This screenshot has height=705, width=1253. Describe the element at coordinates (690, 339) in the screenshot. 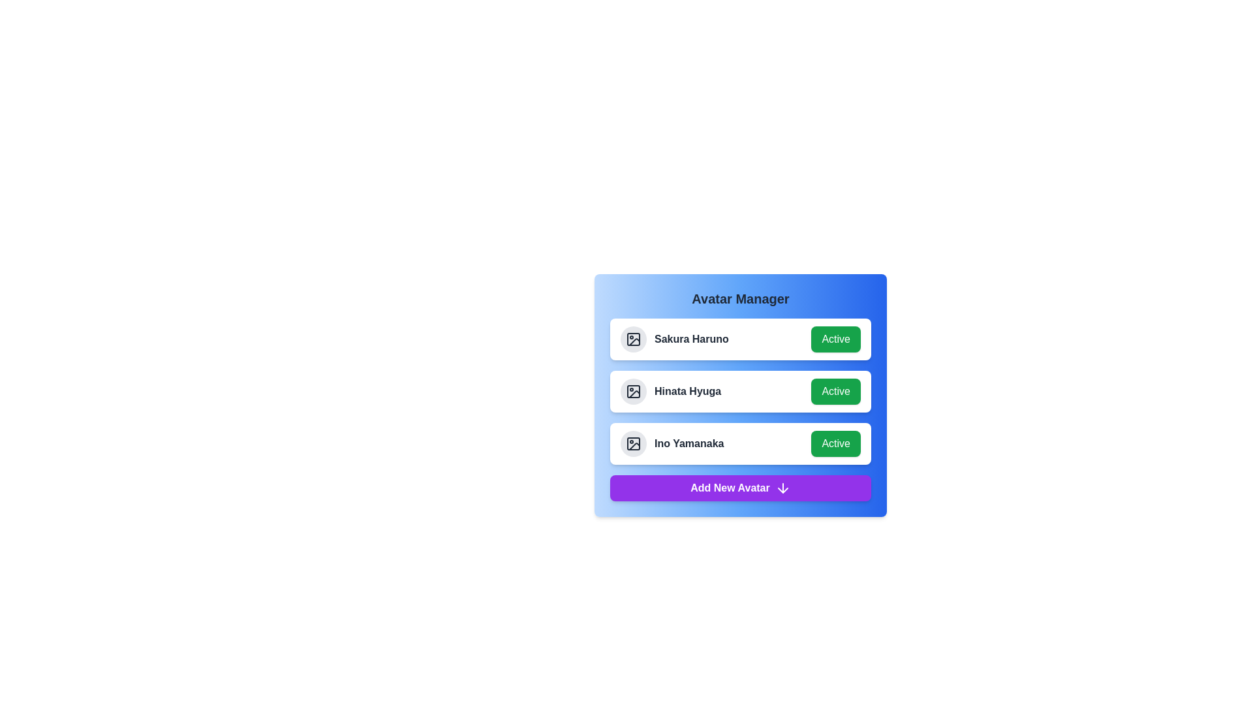

I see `the text label displaying the name 'Sakura Haruno' located in the Avatar Manager card, between the avatar icon and the Active button` at that location.